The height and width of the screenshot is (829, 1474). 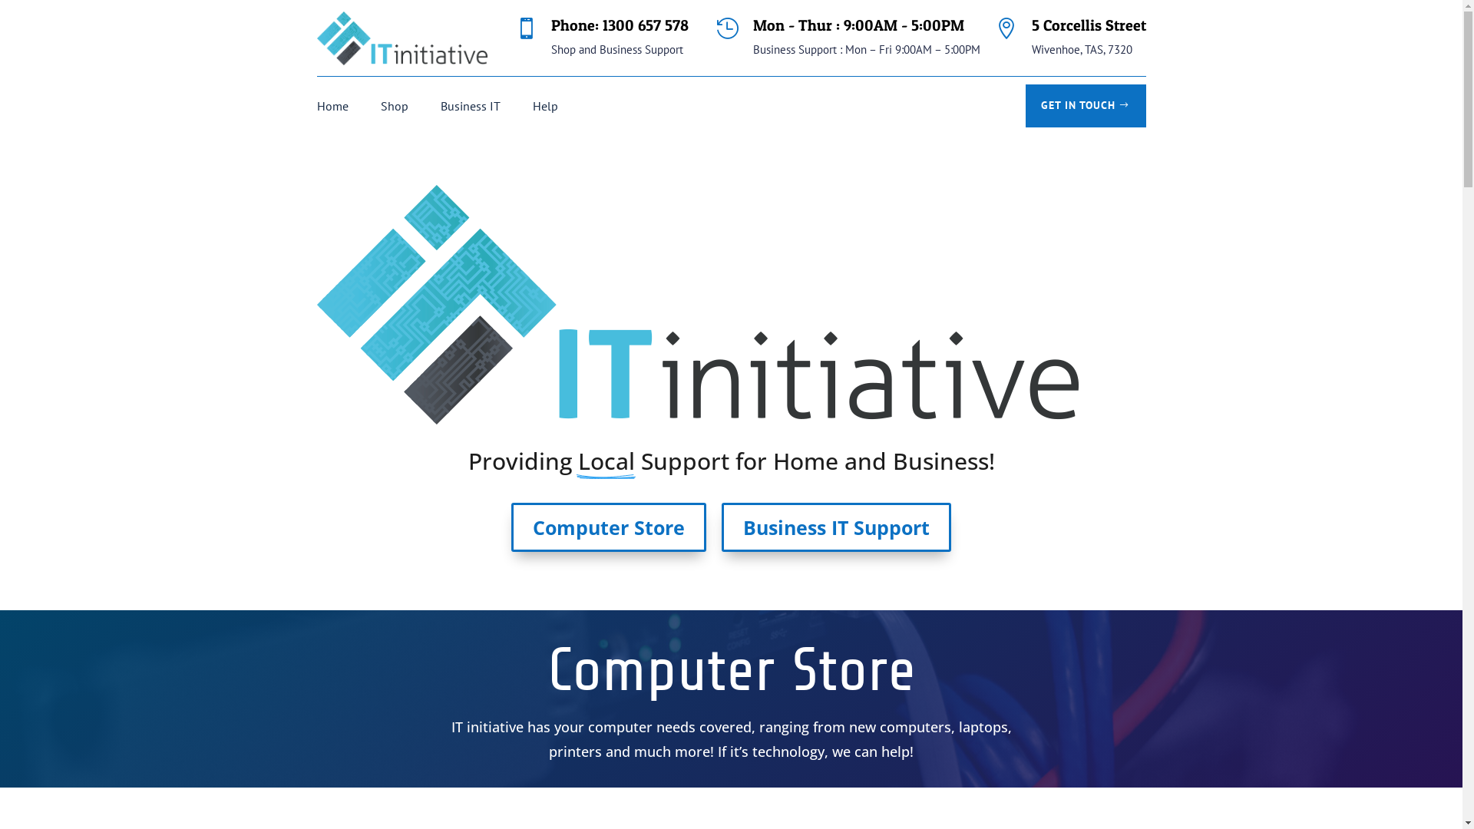 I want to click on 'ITINIT~1', so click(x=402, y=38).